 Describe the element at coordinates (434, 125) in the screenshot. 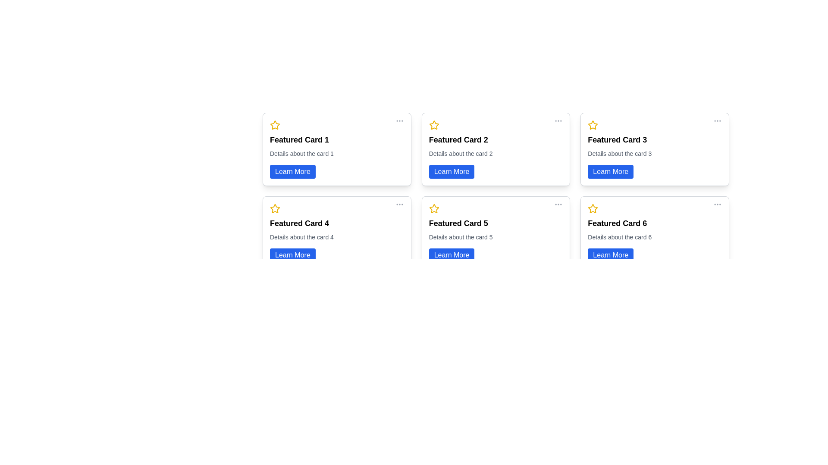

I see `the favorite or rating indicator icon located at the top-left corner of the 'Featured Card 2' component` at that location.